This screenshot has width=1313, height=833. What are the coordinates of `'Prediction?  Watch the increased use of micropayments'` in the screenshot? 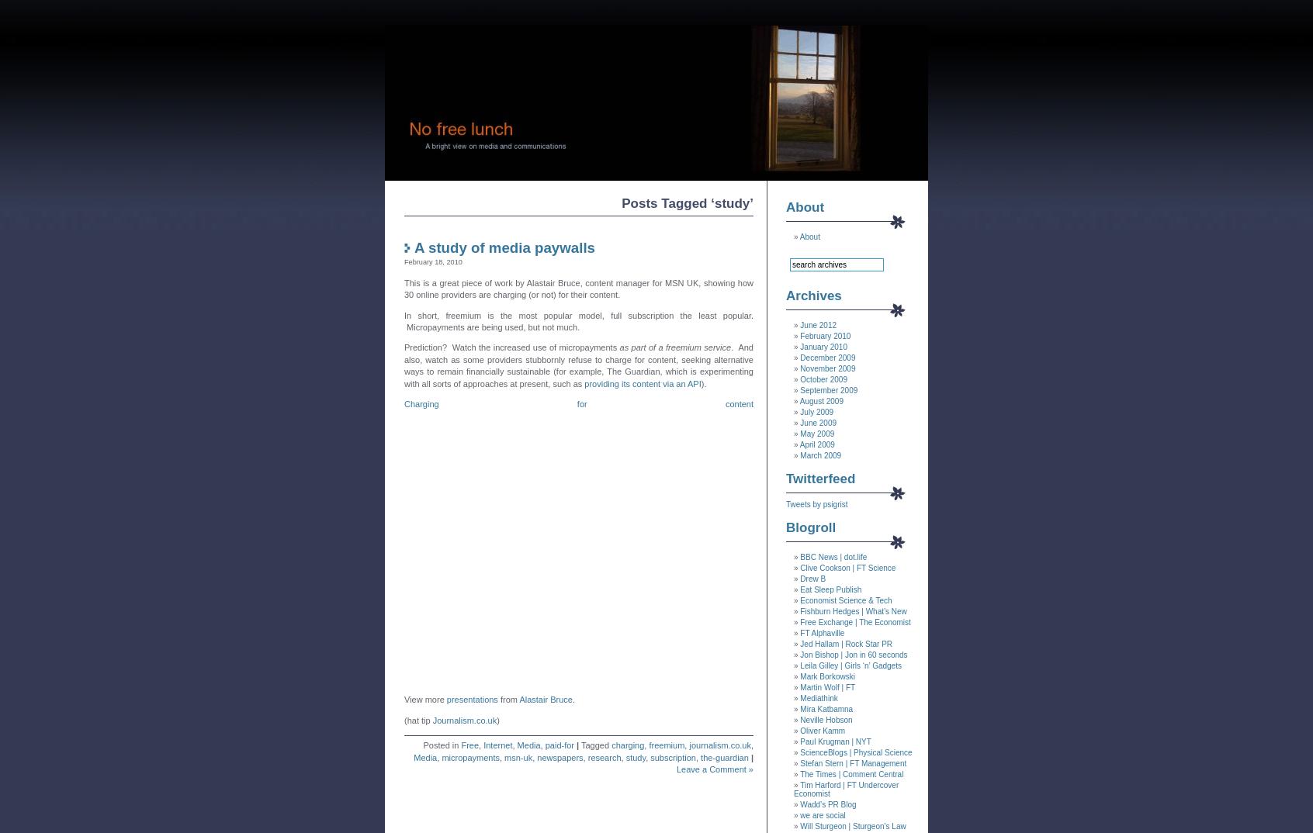 It's located at (511, 346).